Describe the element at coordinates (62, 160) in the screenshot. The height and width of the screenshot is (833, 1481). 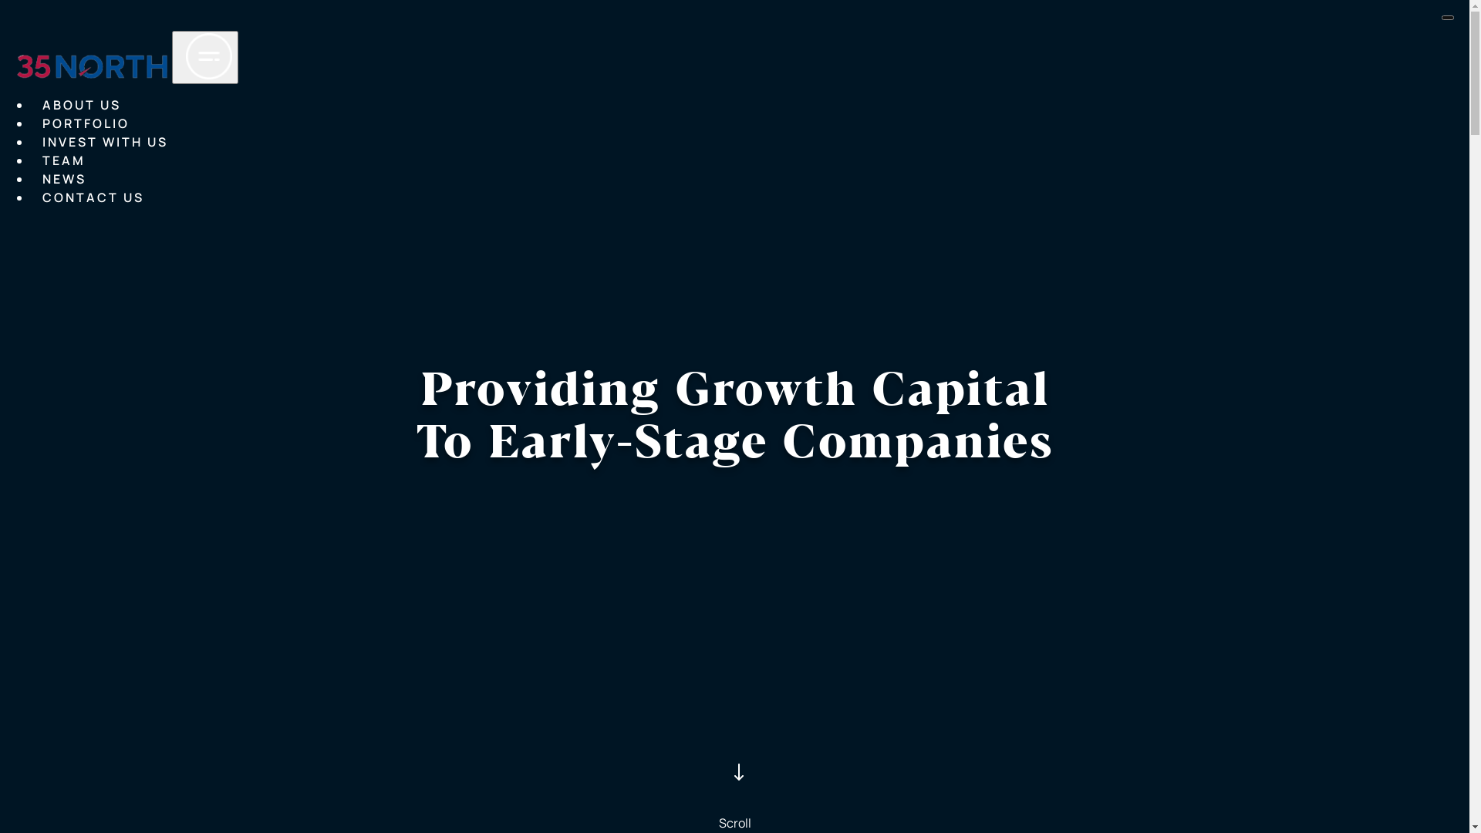
I see `'TEAM'` at that location.